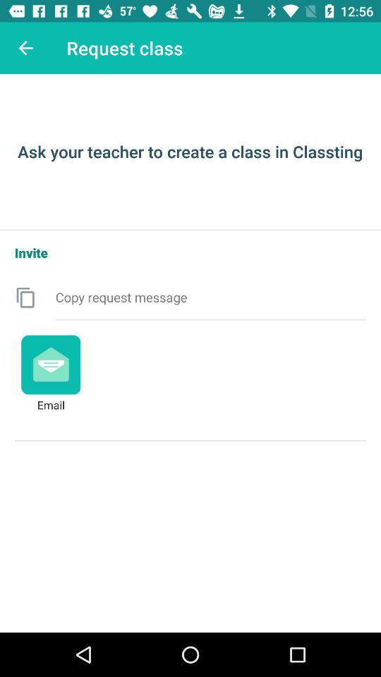  Describe the element at coordinates (25, 48) in the screenshot. I see `icon next to the request class` at that location.